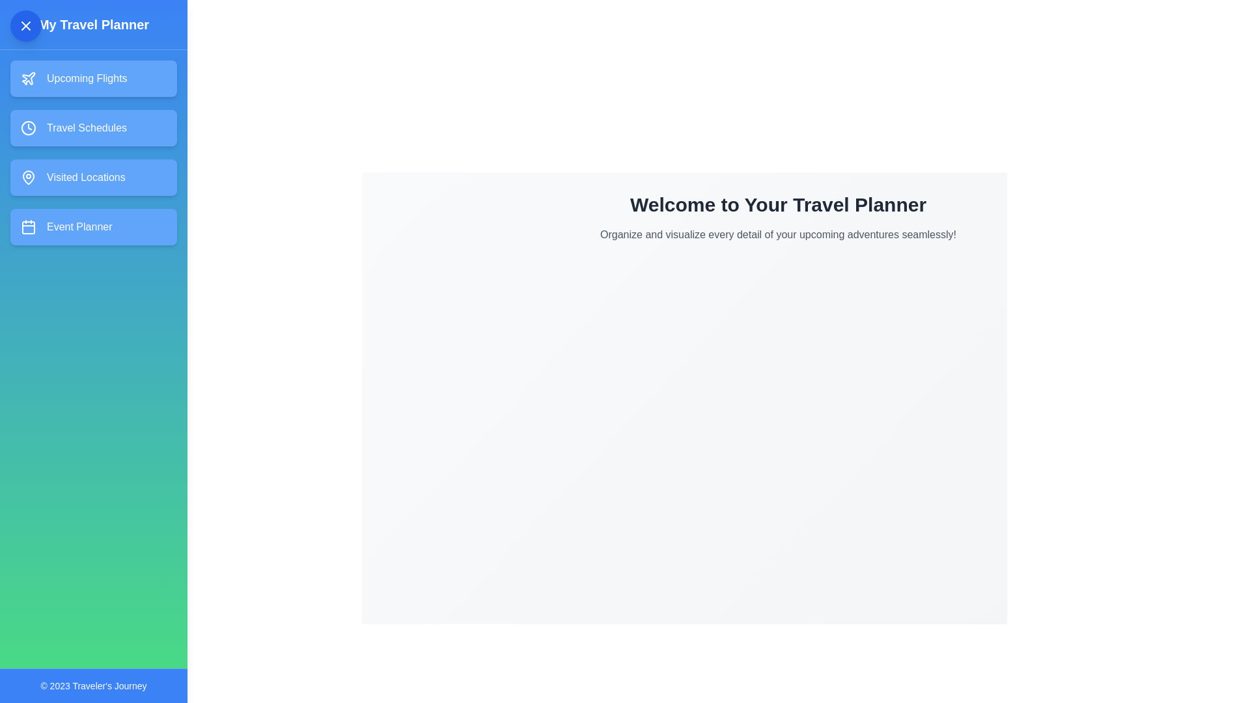 This screenshot has height=703, width=1250. I want to click on the 'Event Planner' button, which is a rectangular button with a blue background and a white calendar icon, located in the sidebar at the bottom of the list of buttons, so click(93, 226).